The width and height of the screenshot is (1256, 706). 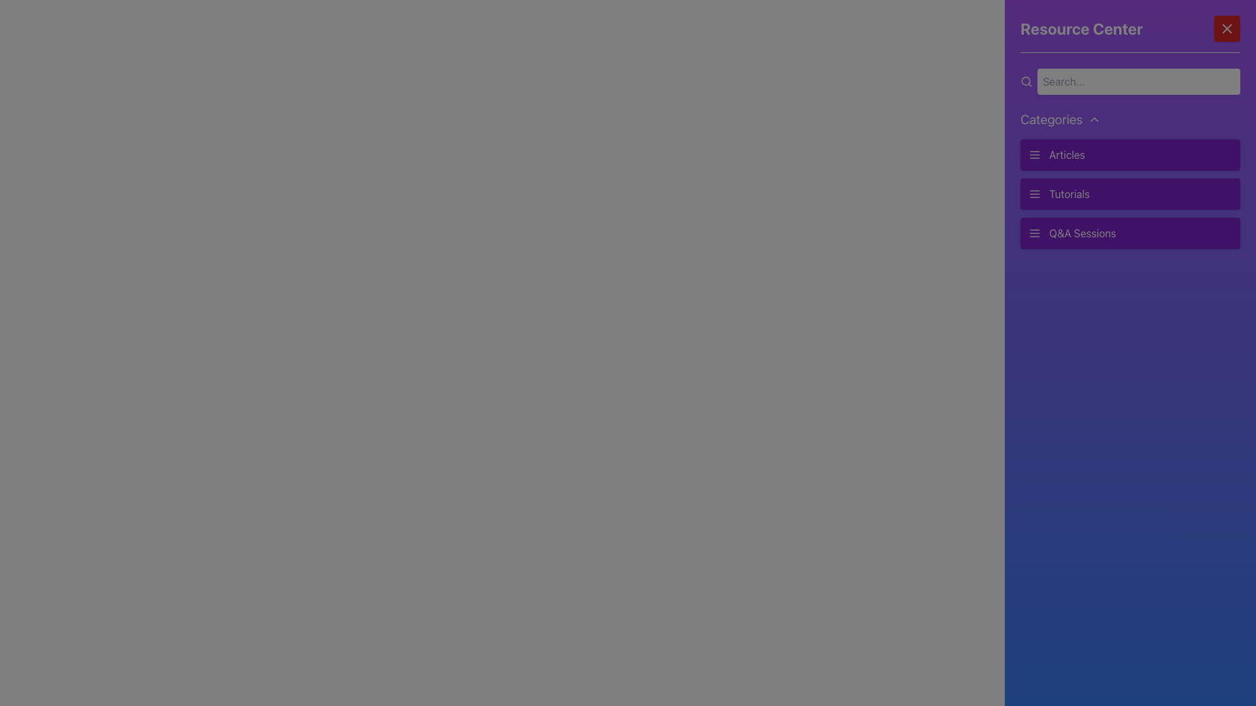 I want to click on the navigation button at the top right of the 'Categories' section, so click(x=1130, y=154).